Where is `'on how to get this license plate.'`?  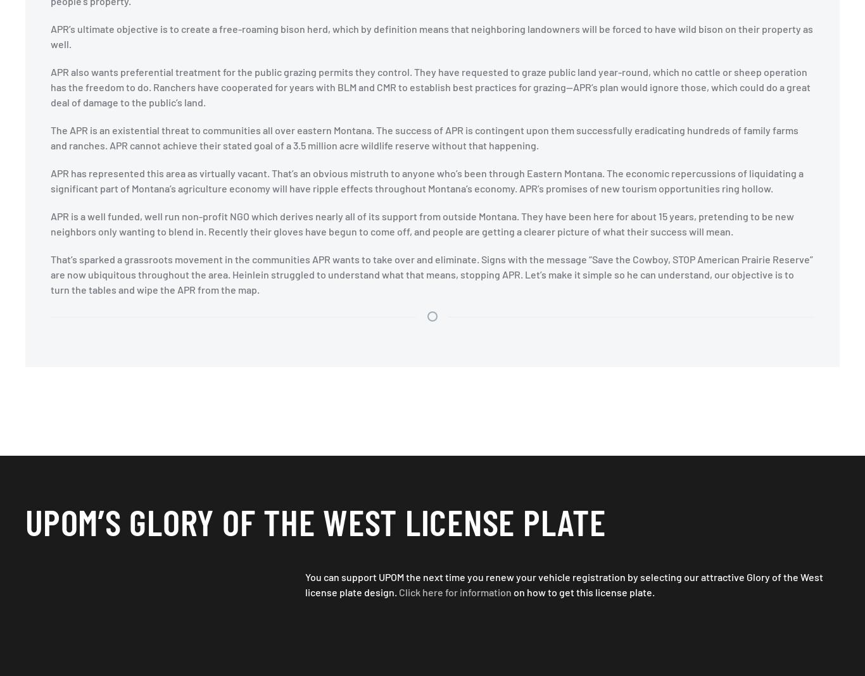 'on how to get this license plate.' is located at coordinates (583, 591).